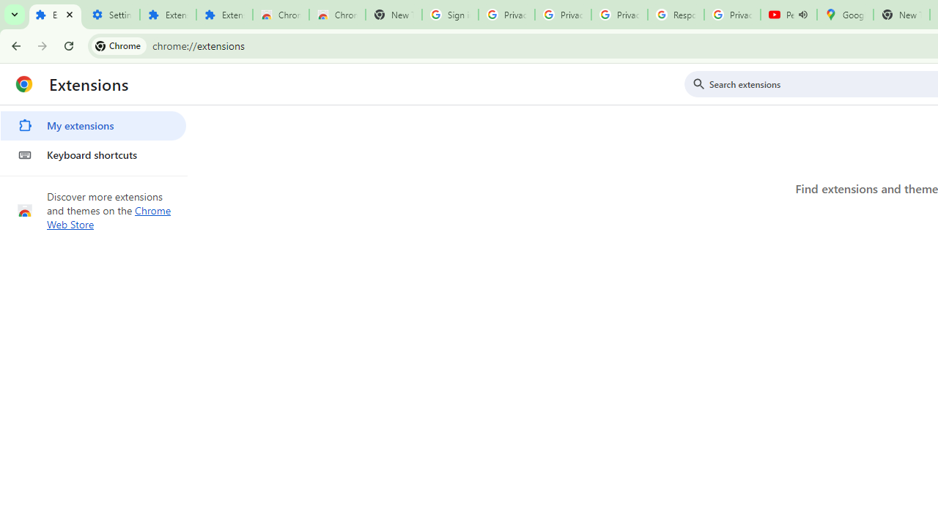  What do you see at coordinates (802, 15) in the screenshot?
I see `'Mute tab'` at bounding box center [802, 15].